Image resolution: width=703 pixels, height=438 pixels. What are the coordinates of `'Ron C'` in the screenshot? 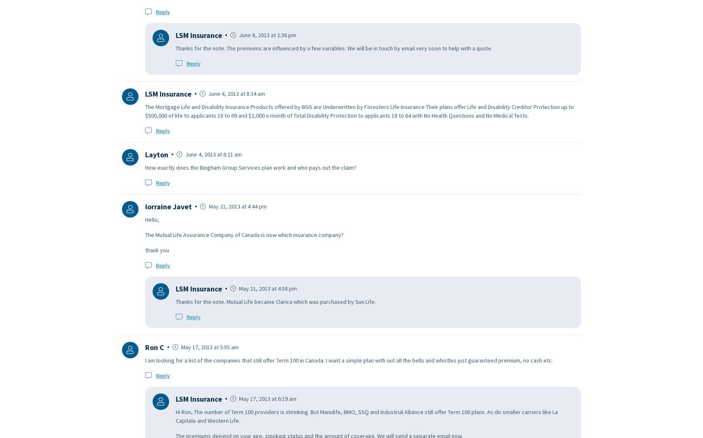 It's located at (145, 347).